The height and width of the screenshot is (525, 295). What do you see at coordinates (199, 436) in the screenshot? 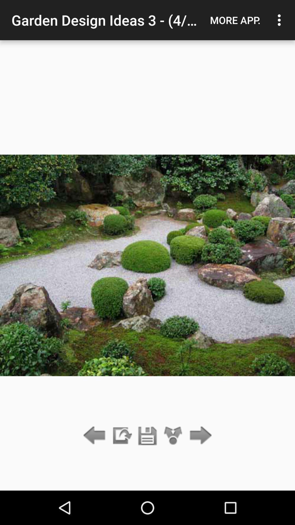
I see `next photo` at bounding box center [199, 436].